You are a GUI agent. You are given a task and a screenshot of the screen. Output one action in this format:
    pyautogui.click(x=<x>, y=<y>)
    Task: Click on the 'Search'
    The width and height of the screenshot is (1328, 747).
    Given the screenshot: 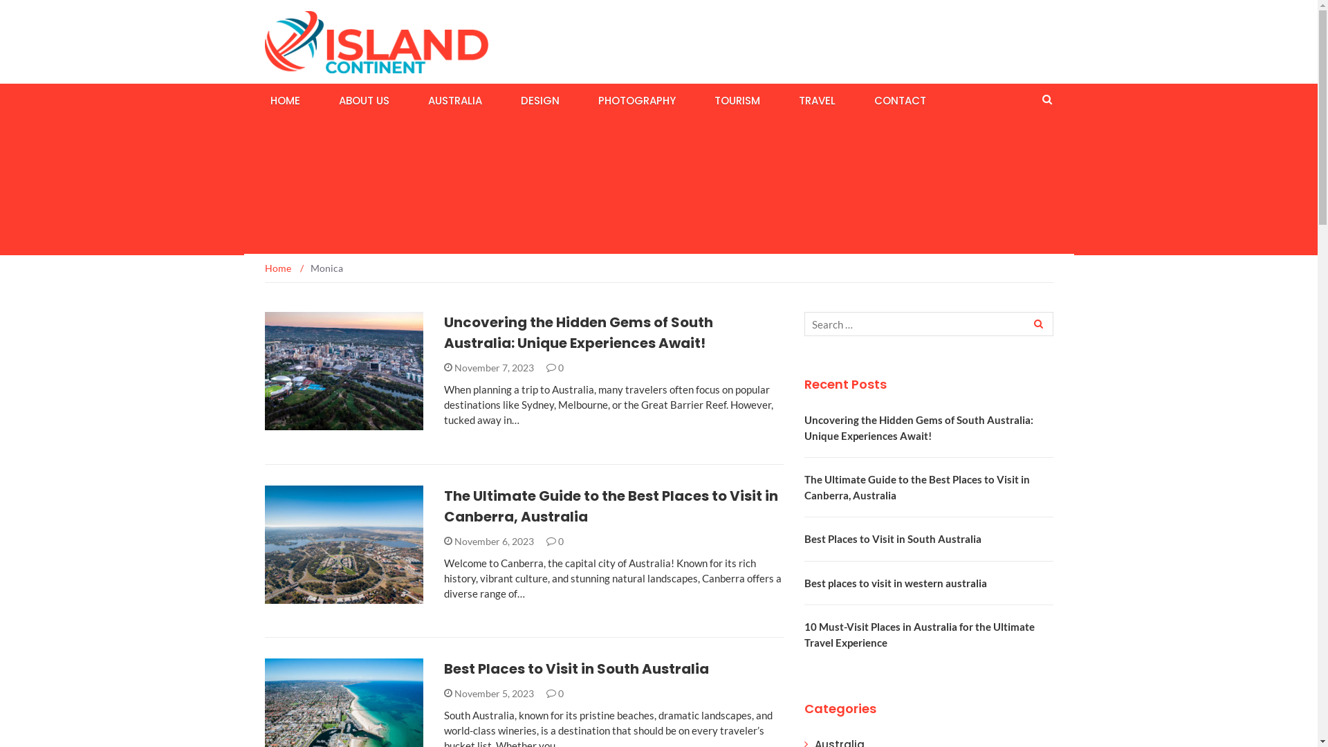 What is the action you would take?
    pyautogui.click(x=1036, y=324)
    